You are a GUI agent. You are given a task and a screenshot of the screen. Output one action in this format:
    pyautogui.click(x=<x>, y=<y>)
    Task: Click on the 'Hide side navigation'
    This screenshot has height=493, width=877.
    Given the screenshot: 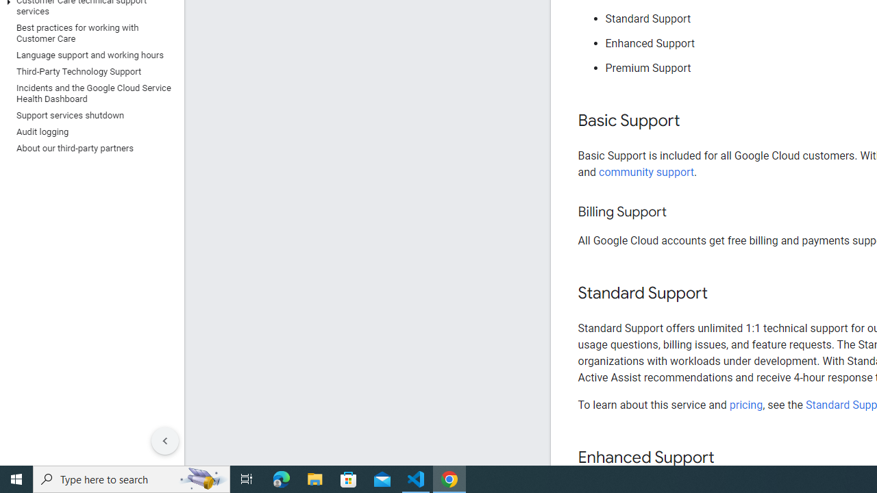 What is the action you would take?
    pyautogui.click(x=164, y=441)
    